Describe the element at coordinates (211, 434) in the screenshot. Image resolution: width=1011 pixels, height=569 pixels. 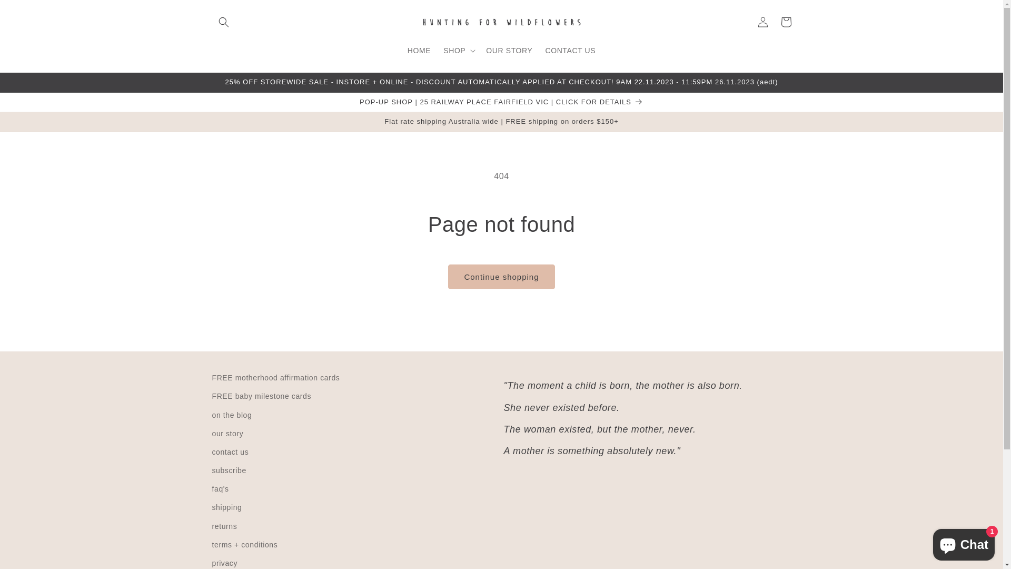
I see `'our story'` at that location.